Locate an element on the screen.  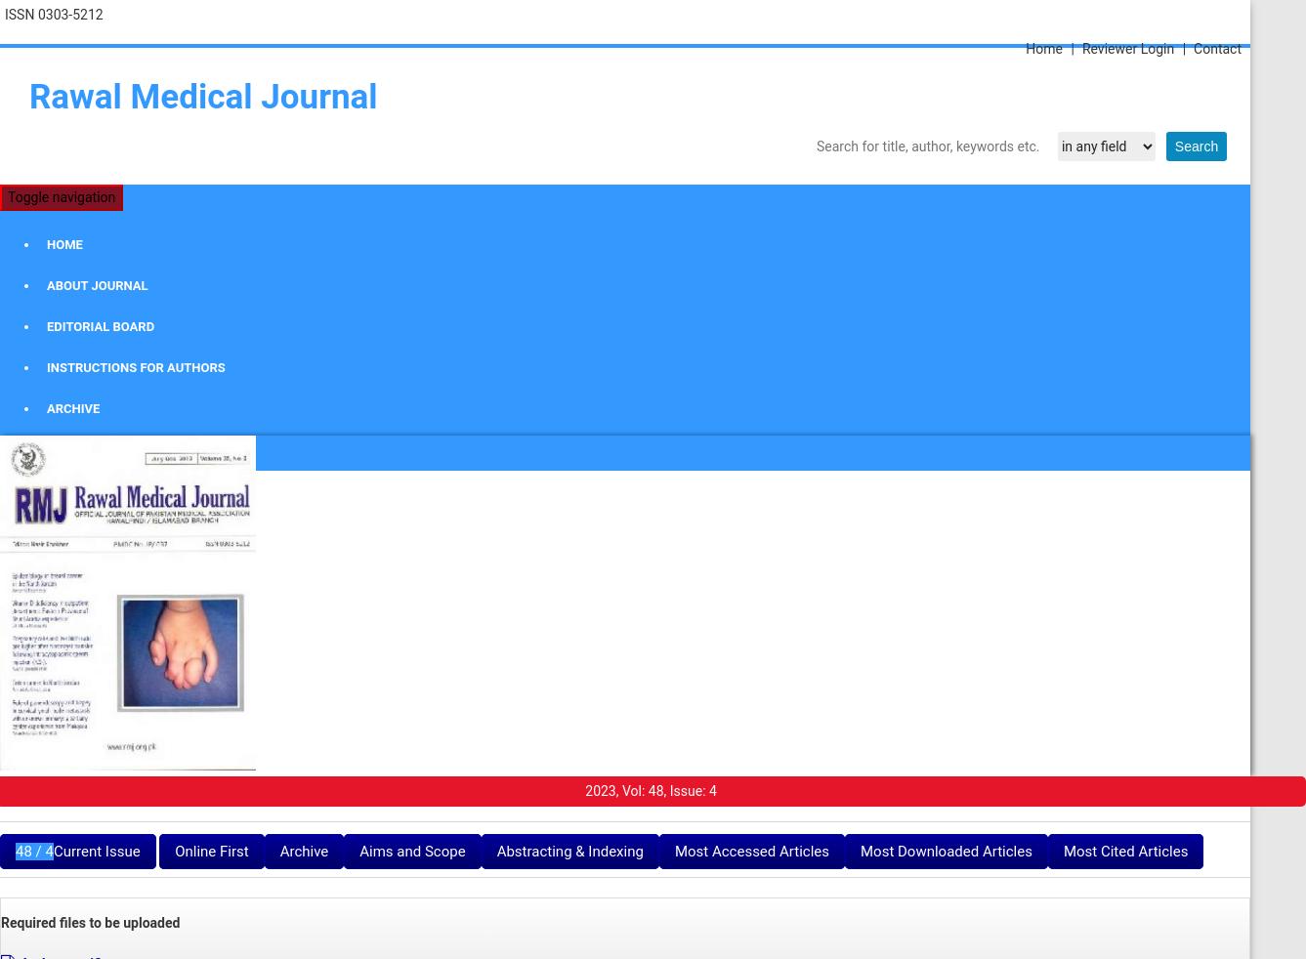
'Online First' is located at coordinates (211, 851).